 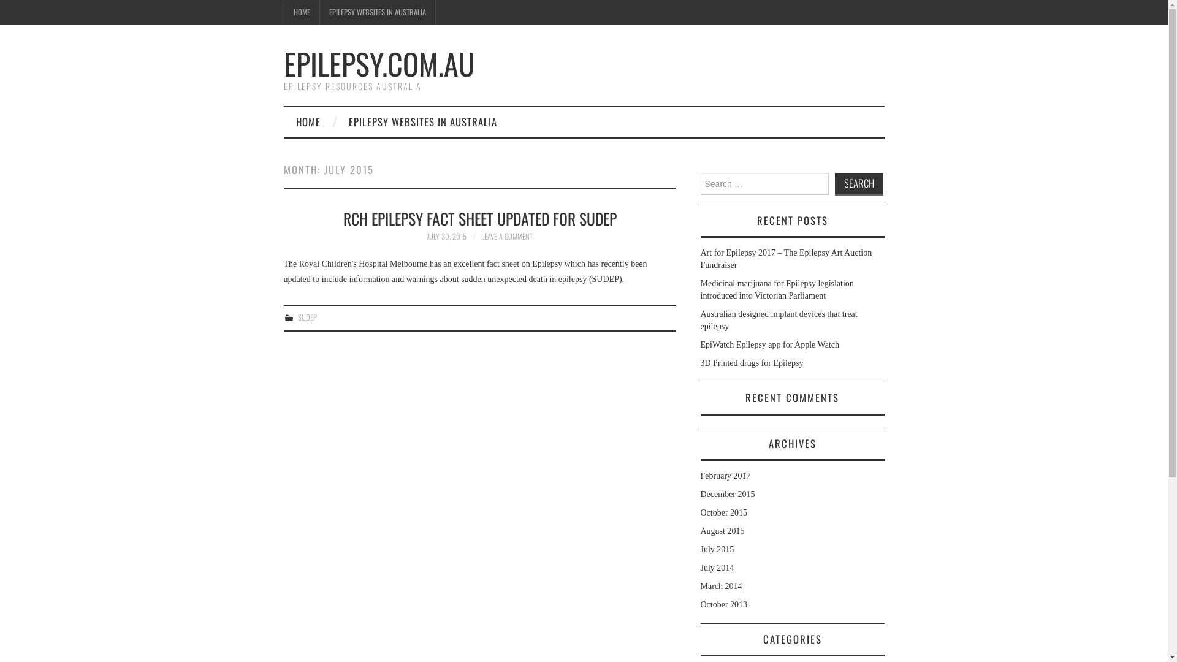 I want to click on 'LEAVE A COMMENT', so click(x=506, y=236).